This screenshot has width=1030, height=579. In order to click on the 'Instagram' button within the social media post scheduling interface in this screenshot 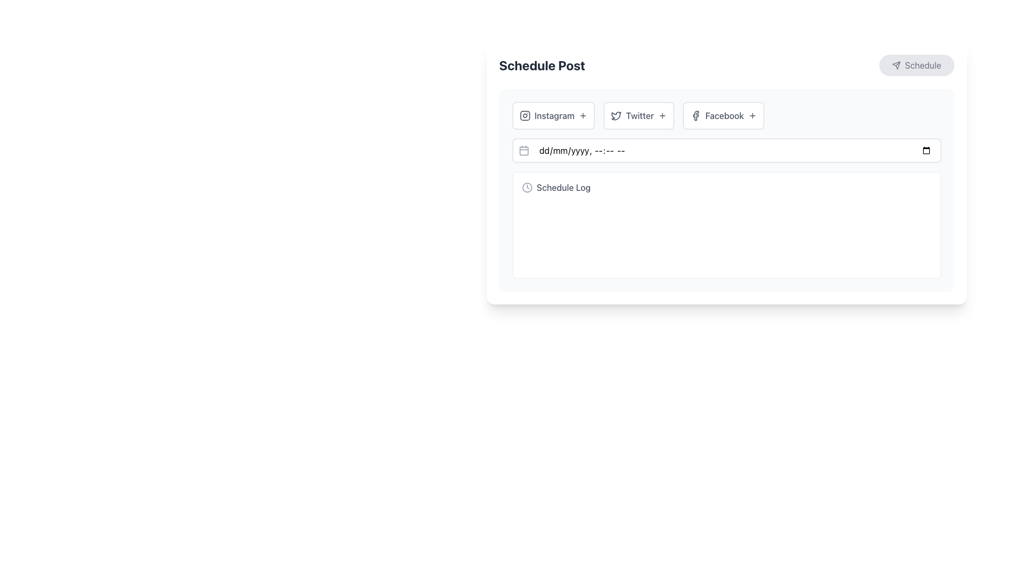, I will do `click(726, 173)`.